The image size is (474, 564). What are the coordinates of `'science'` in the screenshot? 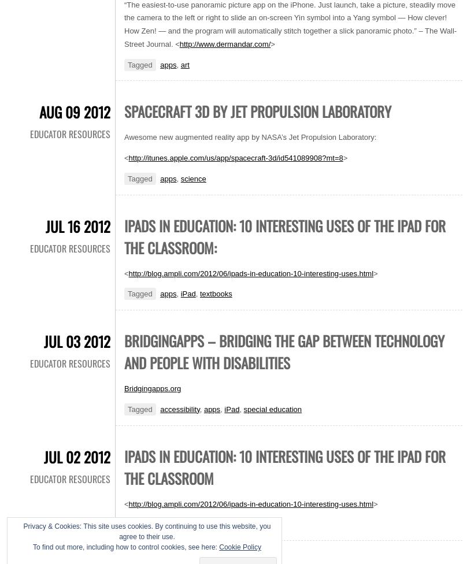 It's located at (192, 178).